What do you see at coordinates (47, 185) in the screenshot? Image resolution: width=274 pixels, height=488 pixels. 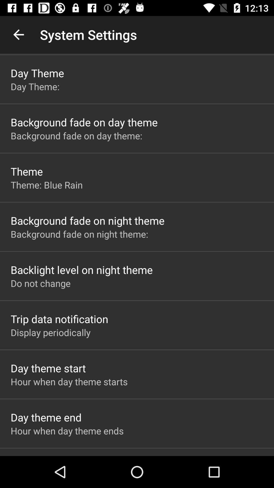 I see `the app above background fade on item` at bounding box center [47, 185].